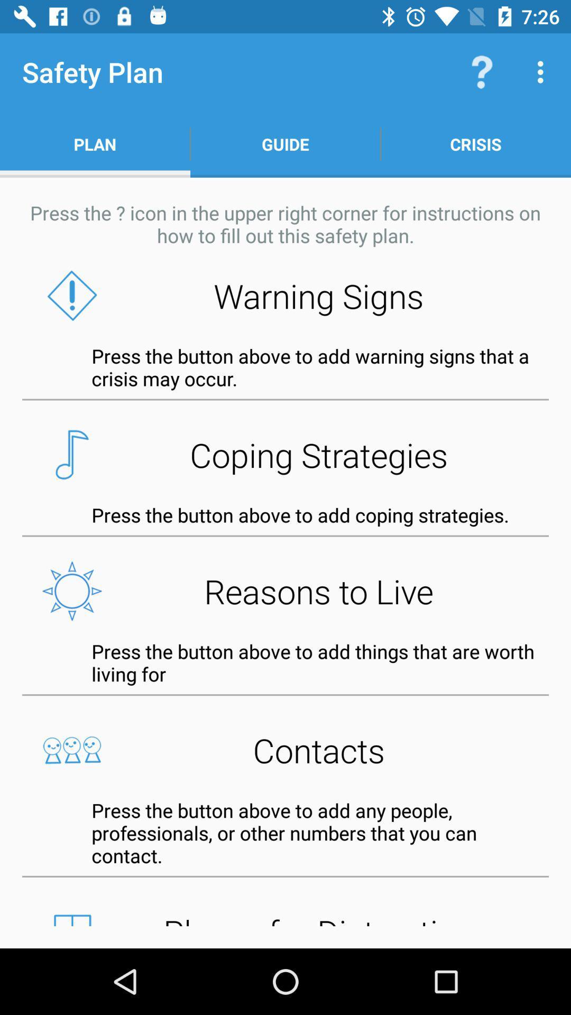 Image resolution: width=571 pixels, height=1015 pixels. Describe the element at coordinates (285, 750) in the screenshot. I see `the contacts button` at that location.